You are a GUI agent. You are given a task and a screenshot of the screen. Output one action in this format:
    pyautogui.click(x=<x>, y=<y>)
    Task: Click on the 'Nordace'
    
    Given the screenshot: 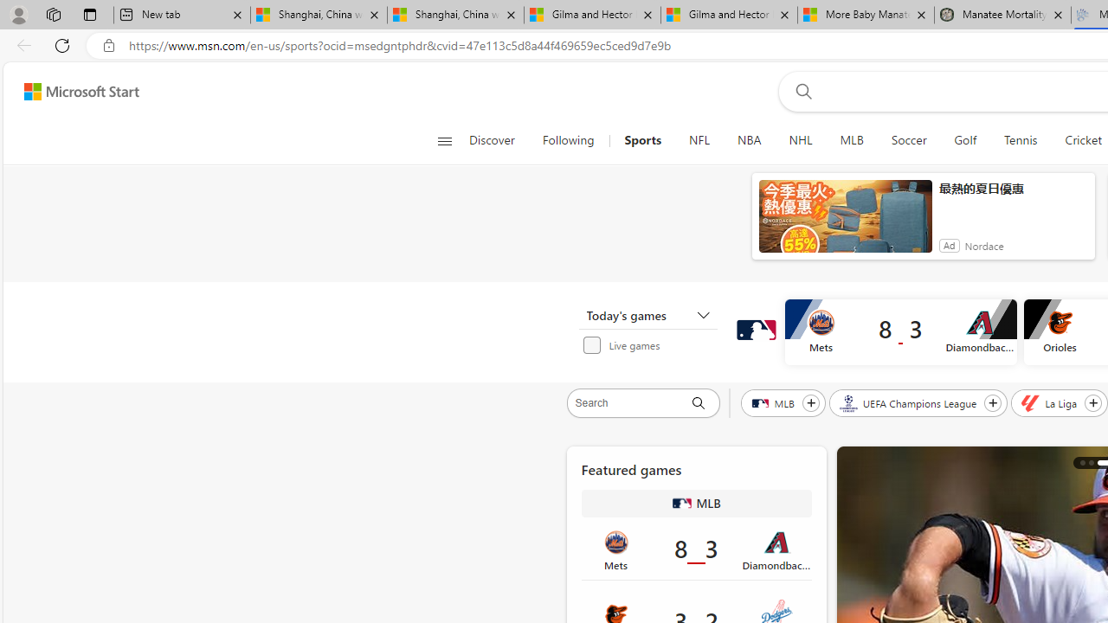 What is the action you would take?
    pyautogui.click(x=983, y=246)
    